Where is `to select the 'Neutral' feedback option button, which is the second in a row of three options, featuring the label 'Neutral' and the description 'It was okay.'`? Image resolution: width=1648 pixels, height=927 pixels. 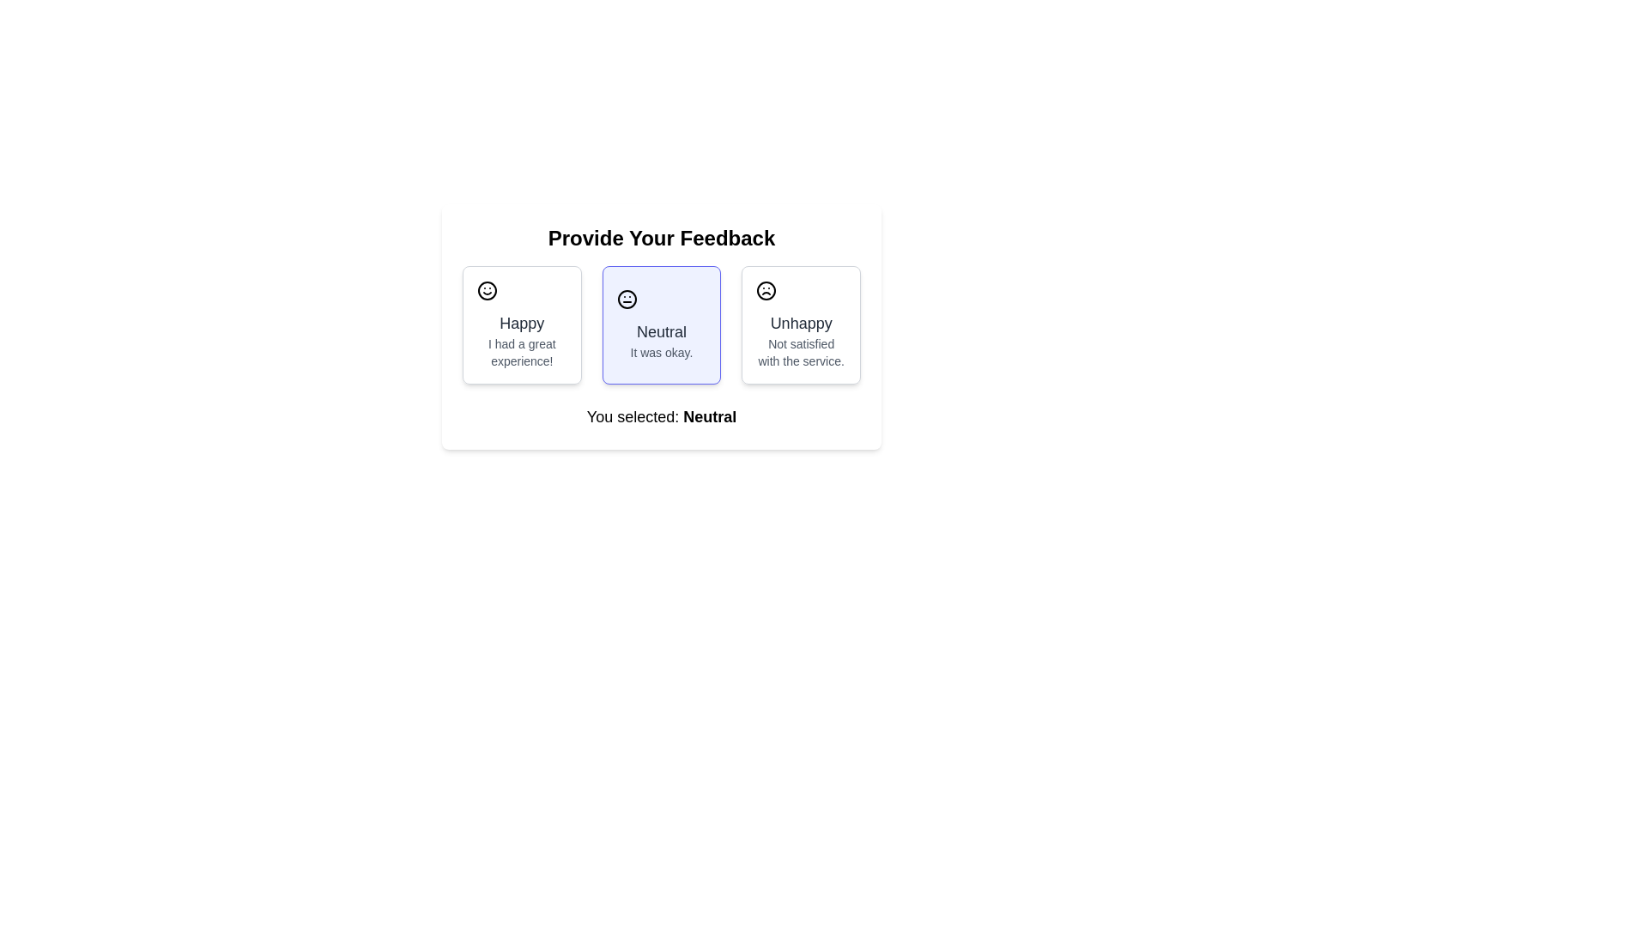 to select the 'Neutral' feedback option button, which is the second in a row of three options, featuring the label 'Neutral' and the description 'It was okay.' is located at coordinates (661, 324).